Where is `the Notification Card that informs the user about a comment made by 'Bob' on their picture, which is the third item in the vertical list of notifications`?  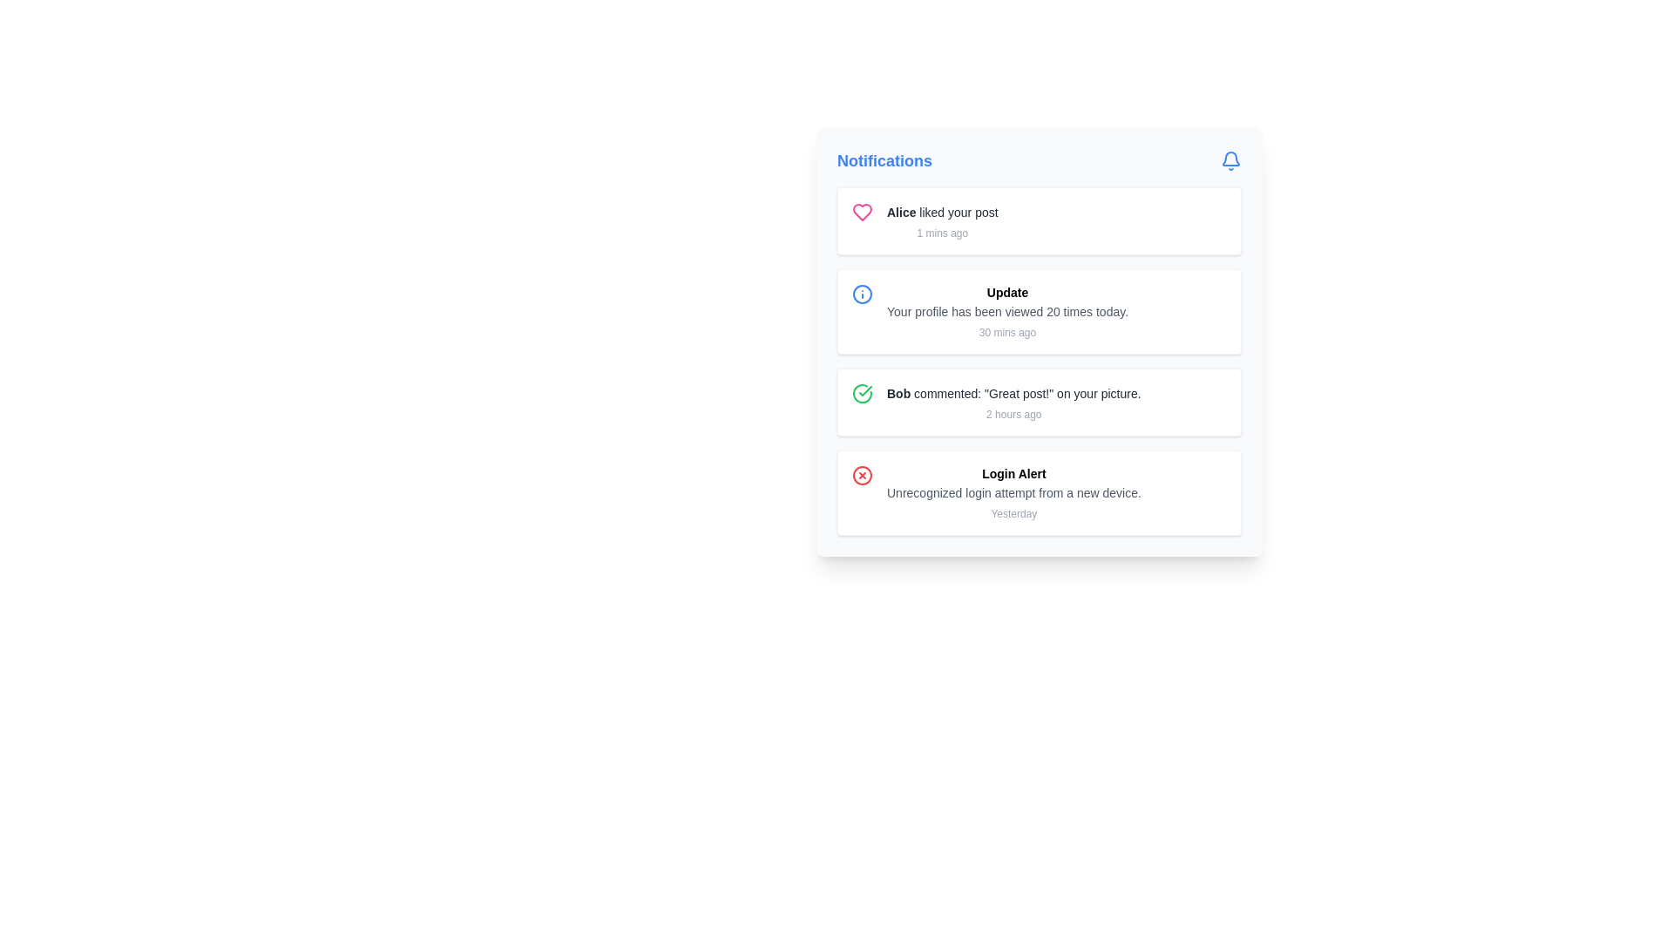
the Notification Card that informs the user about a comment made by 'Bob' on their picture, which is the third item in the vertical list of notifications is located at coordinates (1040, 403).